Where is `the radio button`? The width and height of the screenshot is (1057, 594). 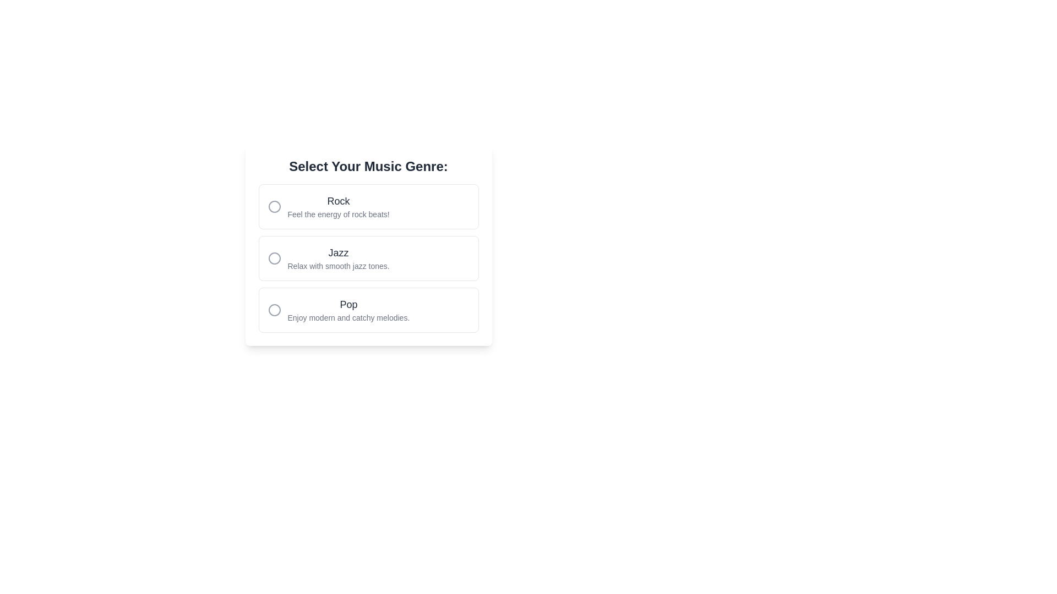
the radio button is located at coordinates (274, 258).